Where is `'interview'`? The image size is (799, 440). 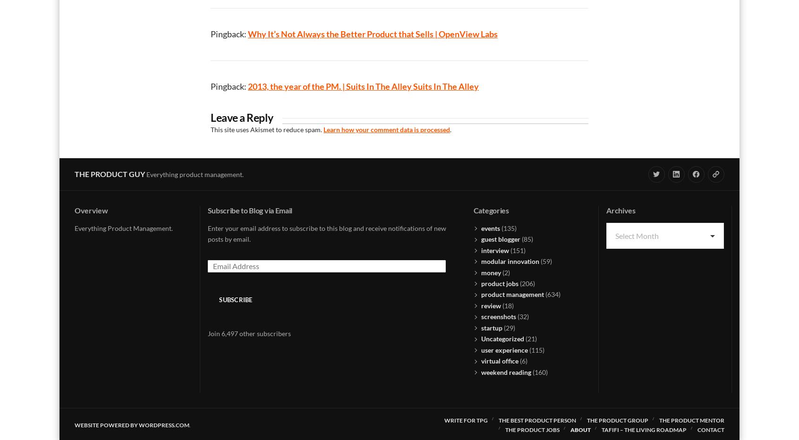 'interview' is located at coordinates (480, 250).